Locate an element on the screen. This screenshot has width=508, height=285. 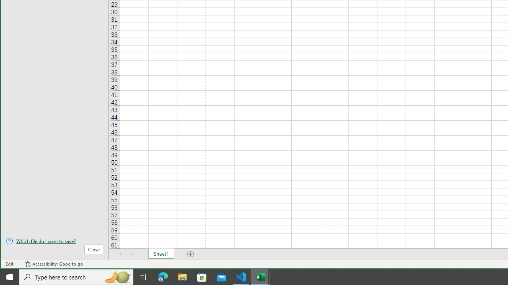
'Search highlights icon opens search home window' is located at coordinates (117, 276).